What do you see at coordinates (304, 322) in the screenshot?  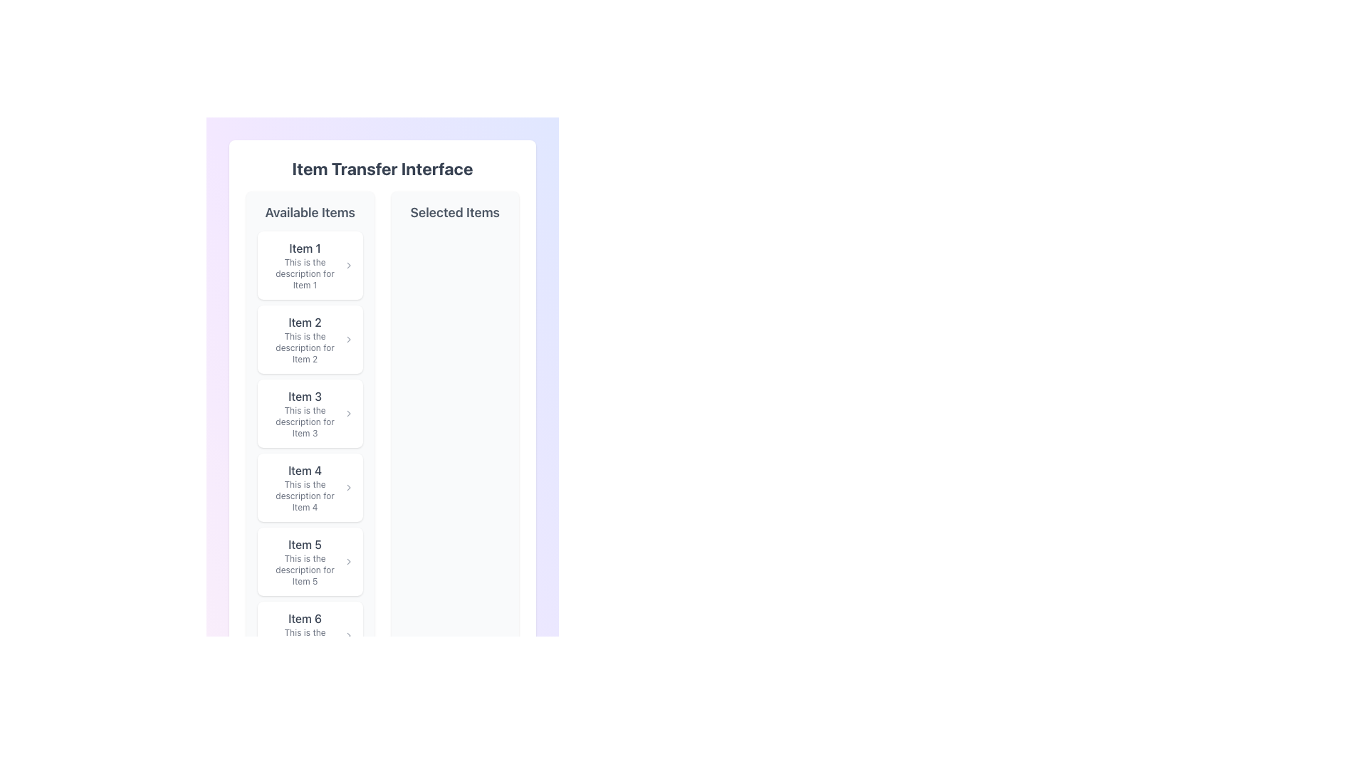 I see `the 'Item 2' label located at the top of its card in the 'Available Items' section by moving the cursor to its center point` at bounding box center [304, 322].